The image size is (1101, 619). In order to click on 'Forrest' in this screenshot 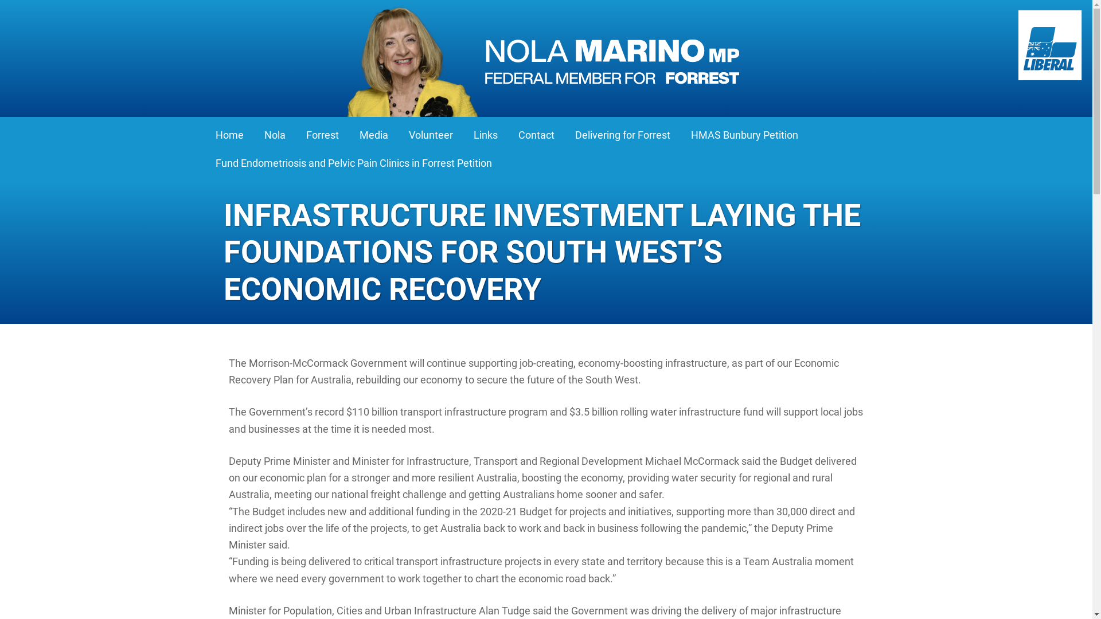, I will do `click(321, 134)`.